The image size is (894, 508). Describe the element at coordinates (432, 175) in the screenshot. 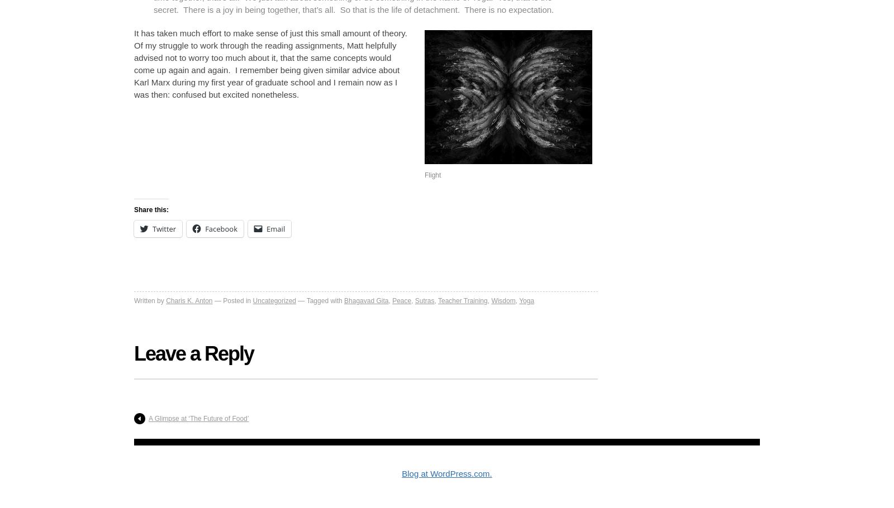

I see `'Flight'` at that location.